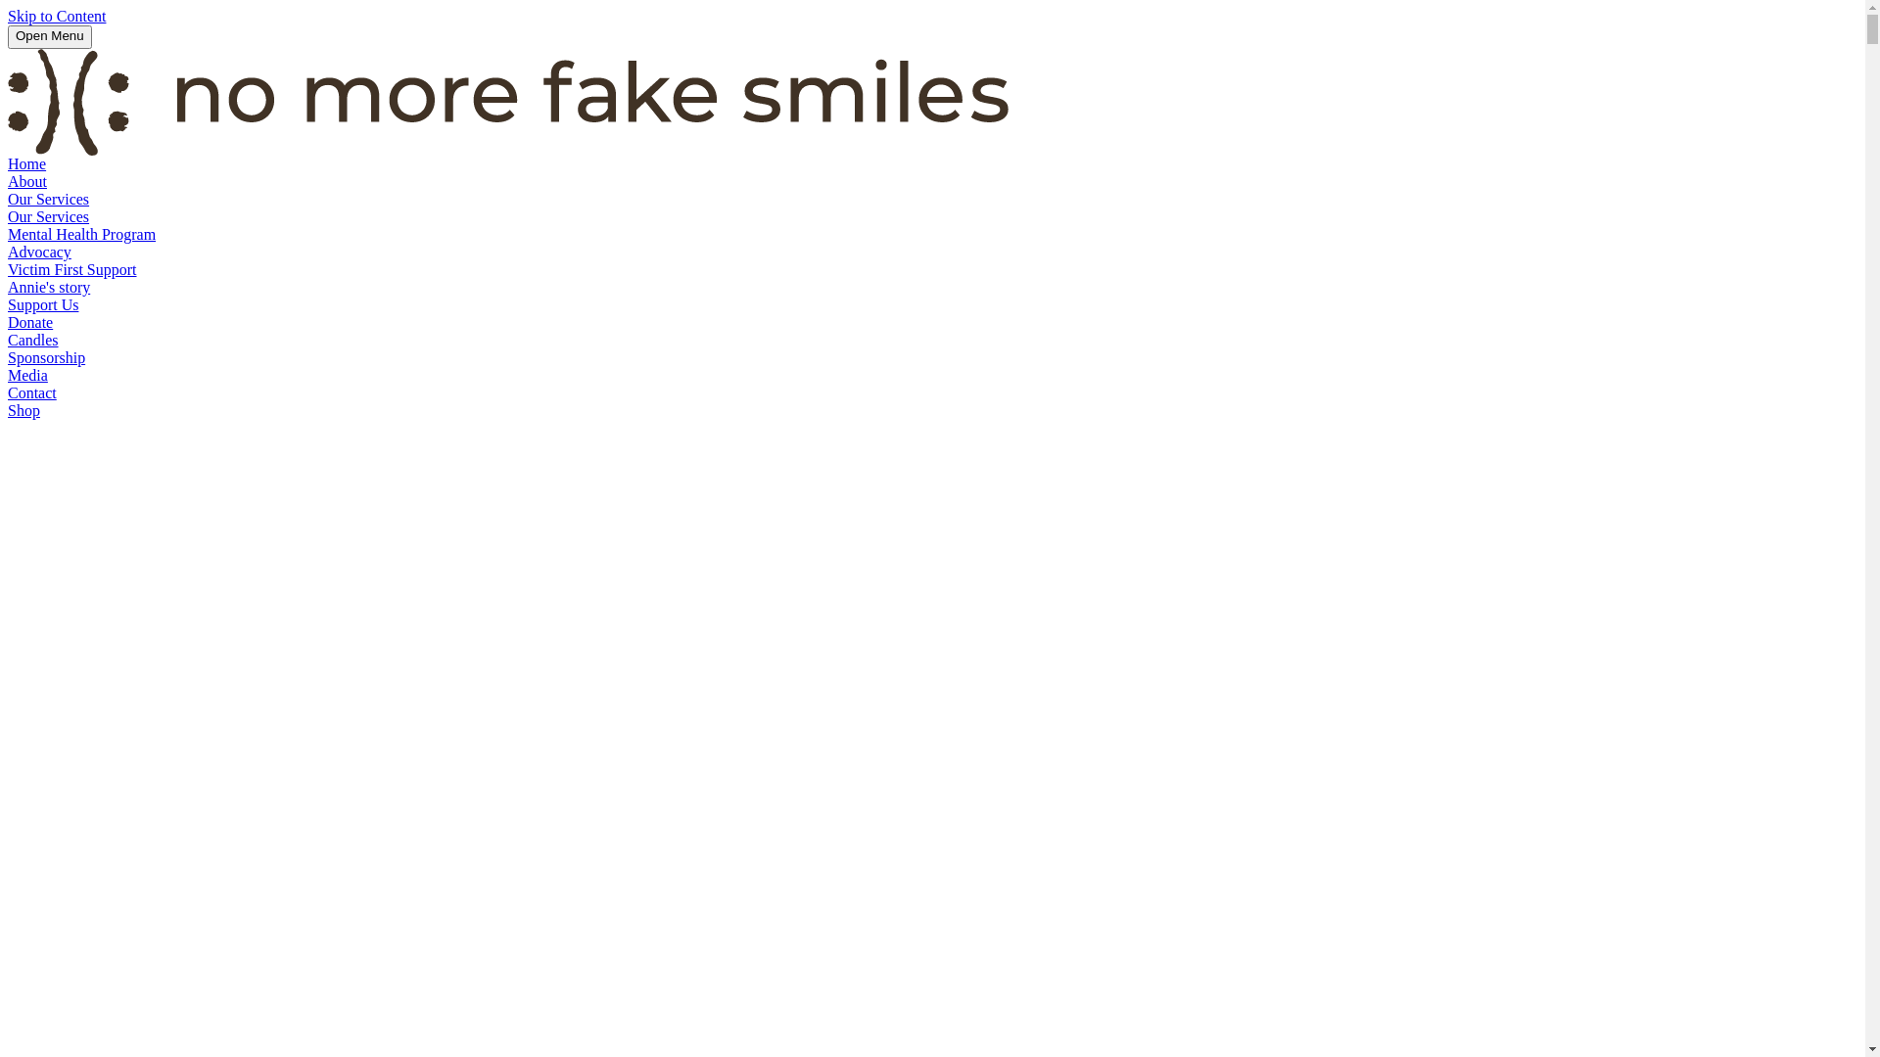 The height and width of the screenshot is (1057, 1880). I want to click on 'Our Services', so click(48, 216).